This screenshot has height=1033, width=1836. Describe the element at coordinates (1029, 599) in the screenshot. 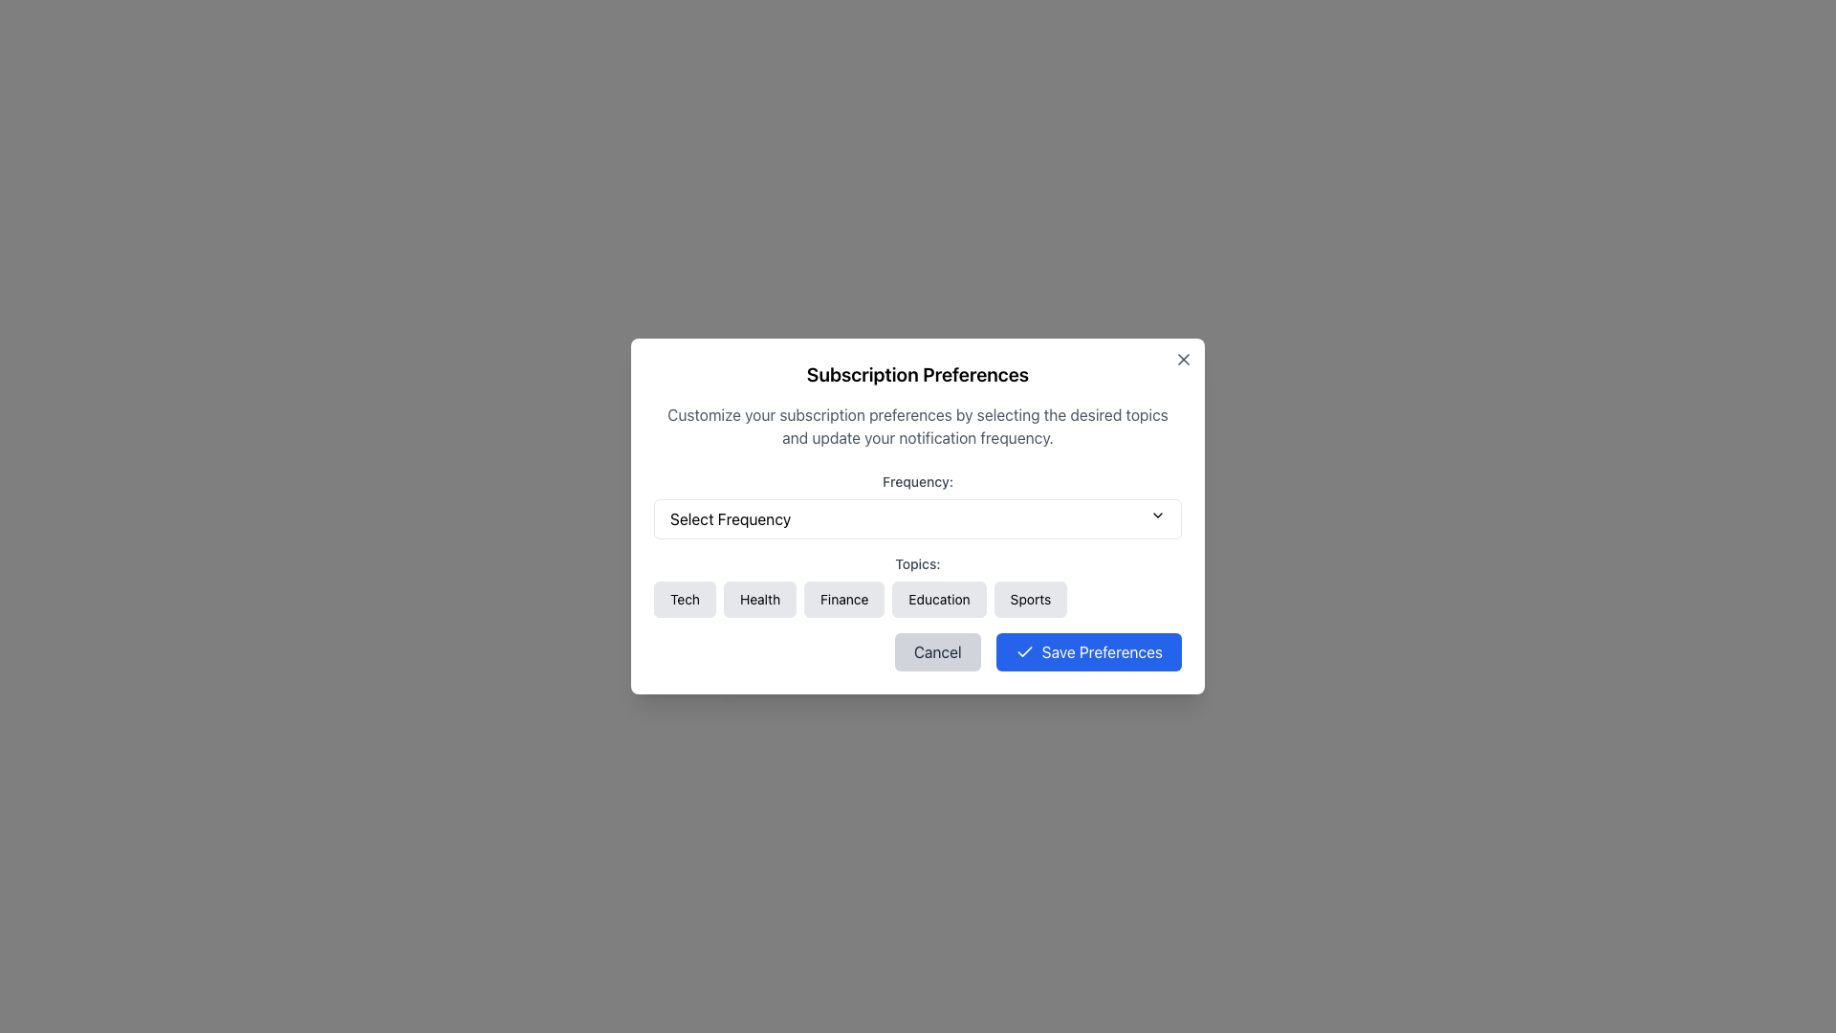

I see `the 'Sports' button, the last button in the horizontal row of topic options` at that location.